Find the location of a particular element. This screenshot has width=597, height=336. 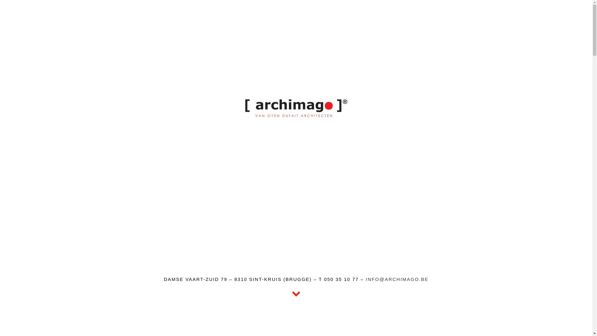

'INFO@ARCHIMAGO.BE' is located at coordinates (396, 279).